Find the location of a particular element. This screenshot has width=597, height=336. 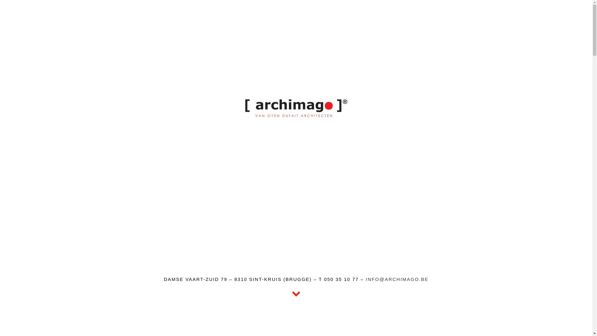

'INFO@ARCHIMAGO.BE' is located at coordinates (396, 279).